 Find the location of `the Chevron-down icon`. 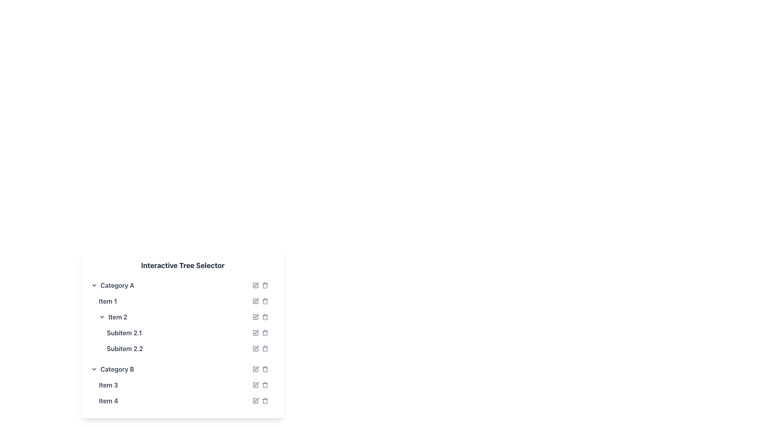

the Chevron-down icon is located at coordinates (102, 317).